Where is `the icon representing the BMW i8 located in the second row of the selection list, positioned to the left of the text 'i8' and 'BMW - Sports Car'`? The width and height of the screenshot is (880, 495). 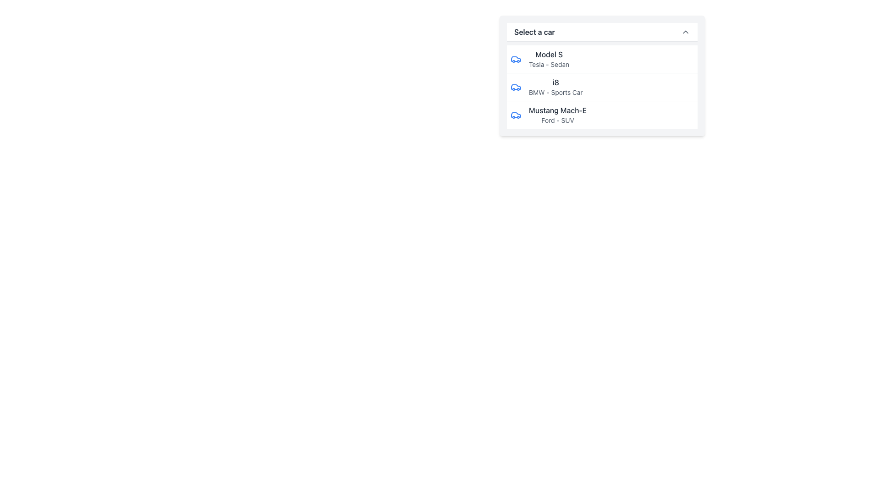
the icon representing the BMW i8 located in the second row of the selection list, positioned to the left of the text 'i8' and 'BMW - Sports Car' is located at coordinates (516, 87).